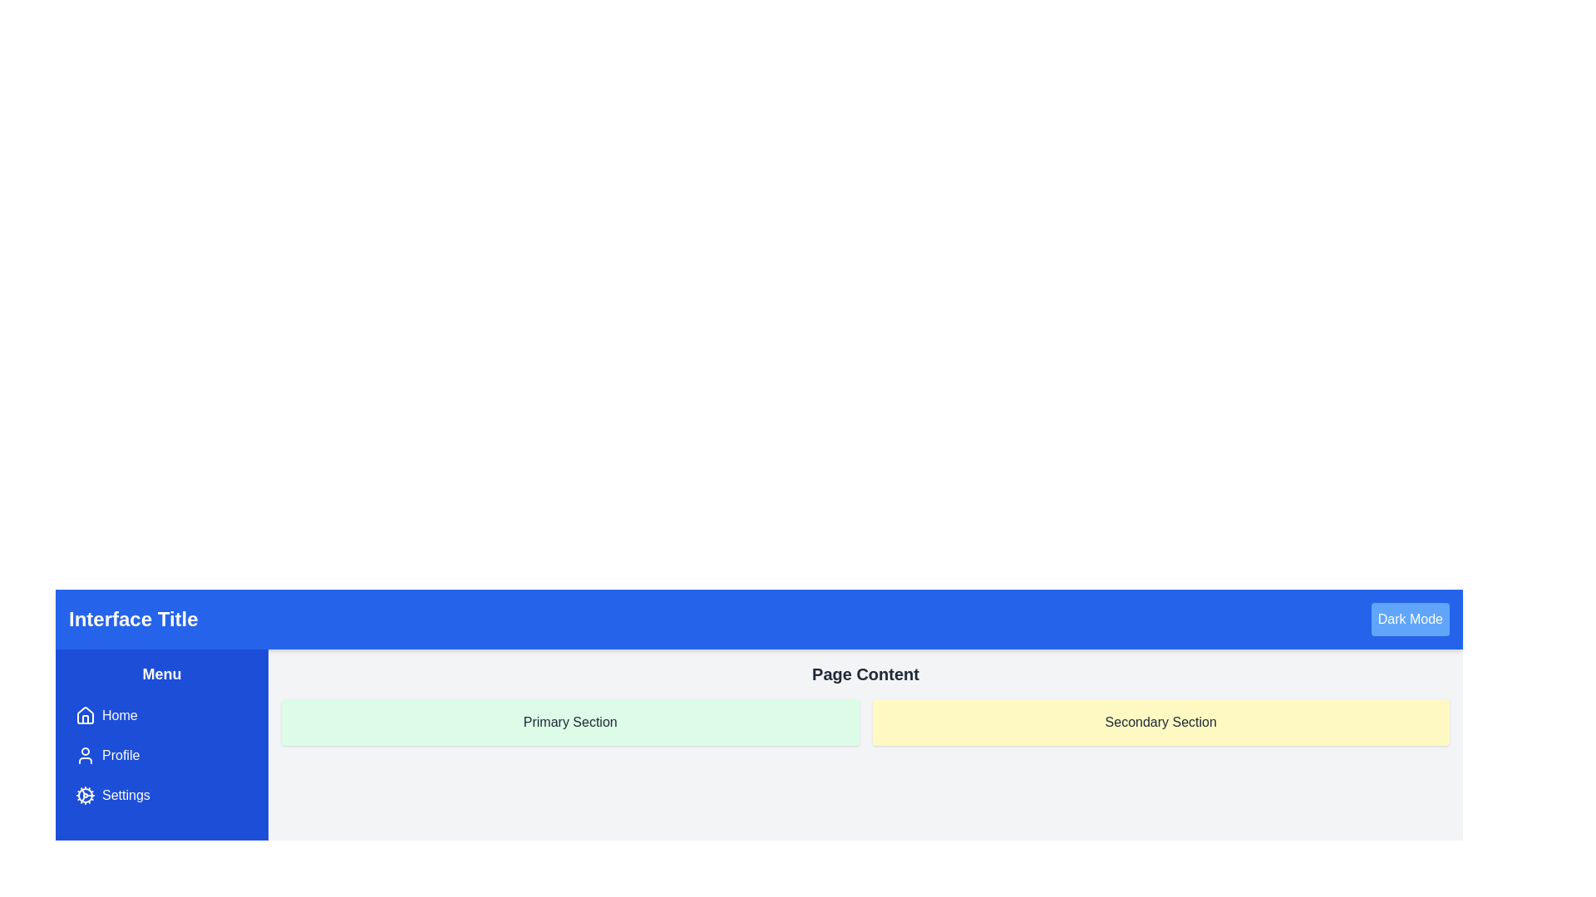  What do you see at coordinates (133, 619) in the screenshot?
I see `the 'Interface Title' text label, which is styled in bold white font on a blue background, located on the left side of the header bar` at bounding box center [133, 619].